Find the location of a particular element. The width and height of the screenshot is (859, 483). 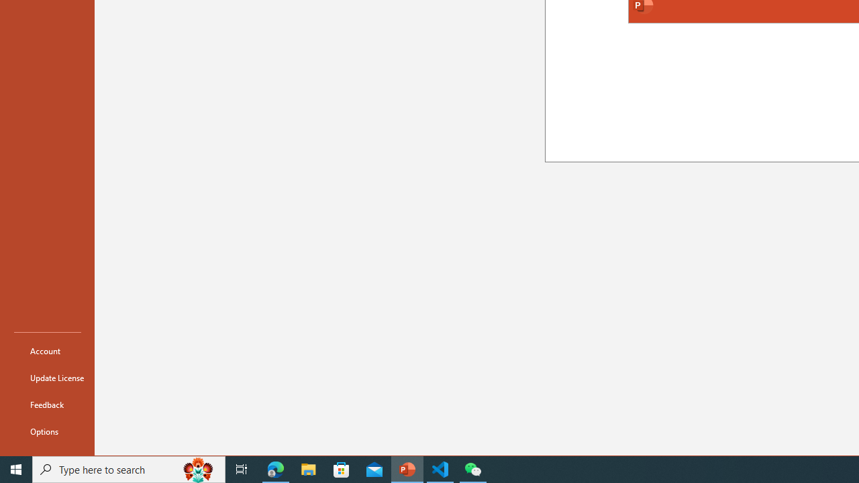

'Microsoft Store' is located at coordinates (342, 468).